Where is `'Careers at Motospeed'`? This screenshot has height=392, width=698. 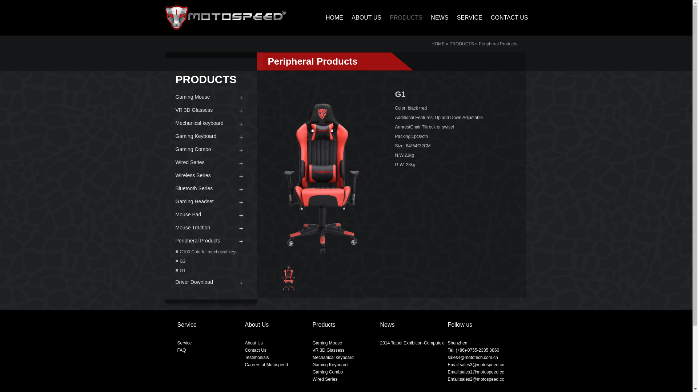
'Careers at Motospeed' is located at coordinates (266, 365).